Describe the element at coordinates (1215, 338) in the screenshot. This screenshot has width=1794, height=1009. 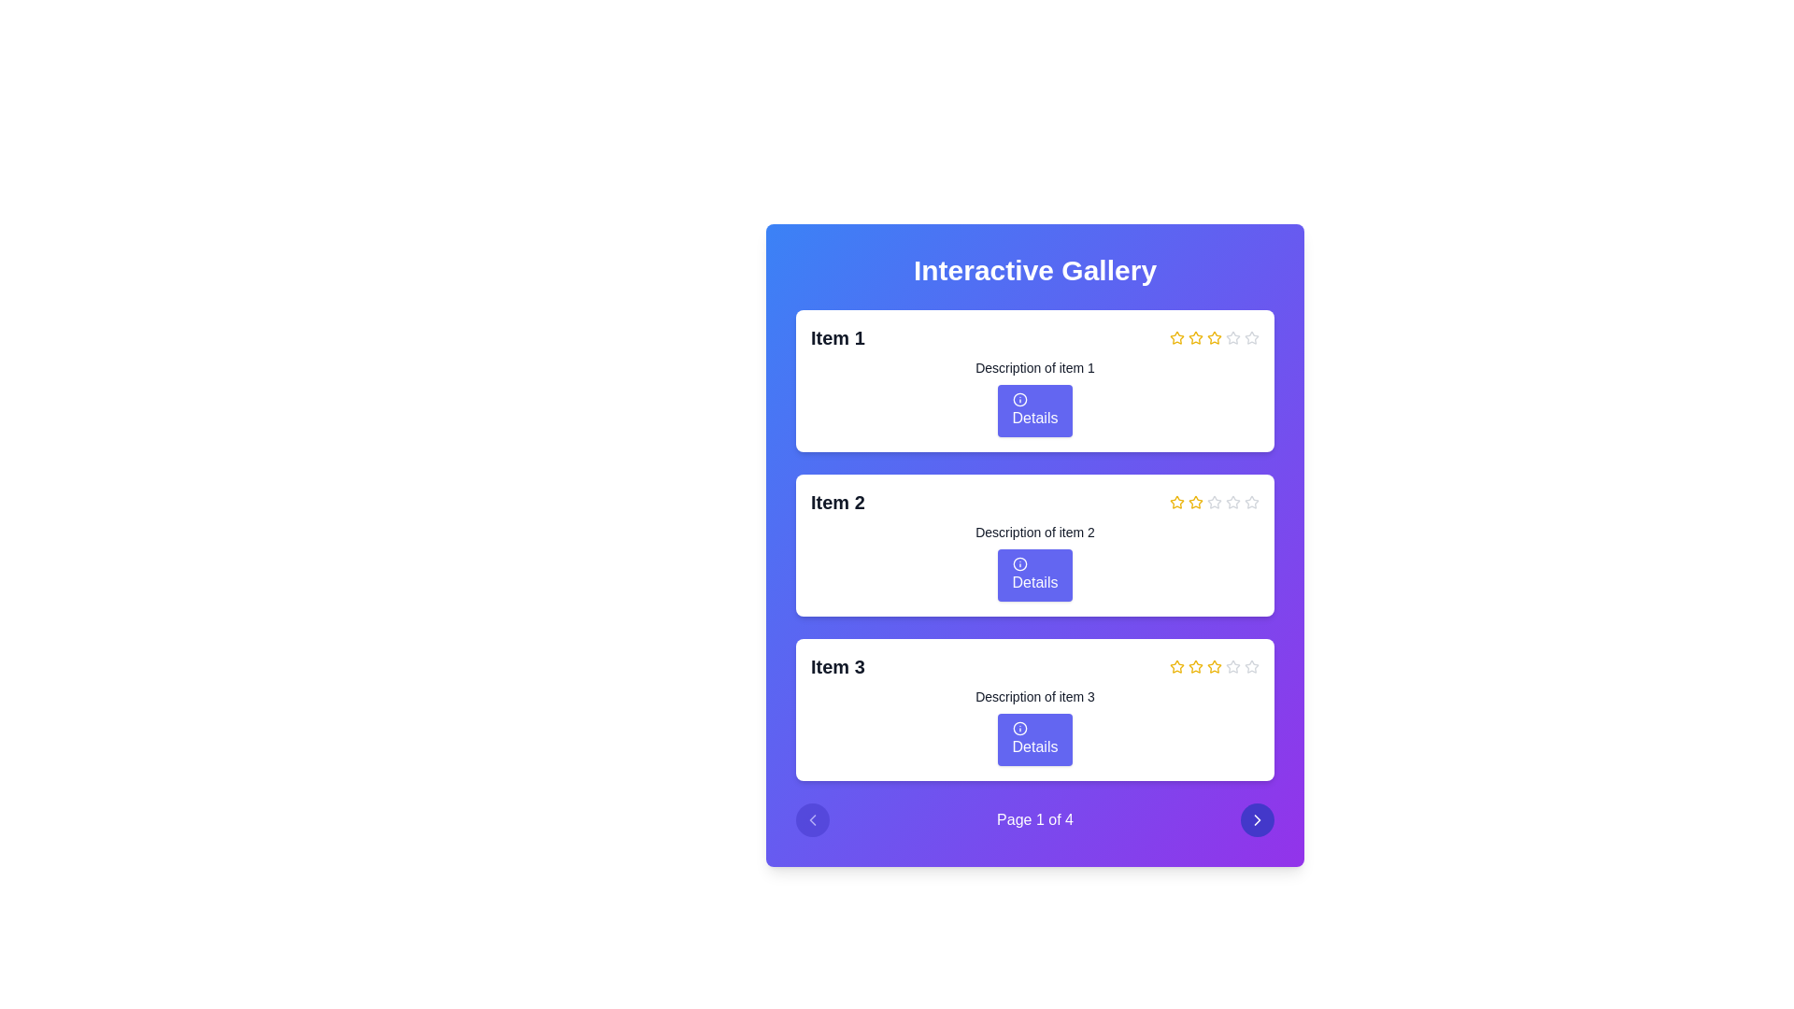
I see `the third star in the rating visualization for 'Item 1'` at that location.